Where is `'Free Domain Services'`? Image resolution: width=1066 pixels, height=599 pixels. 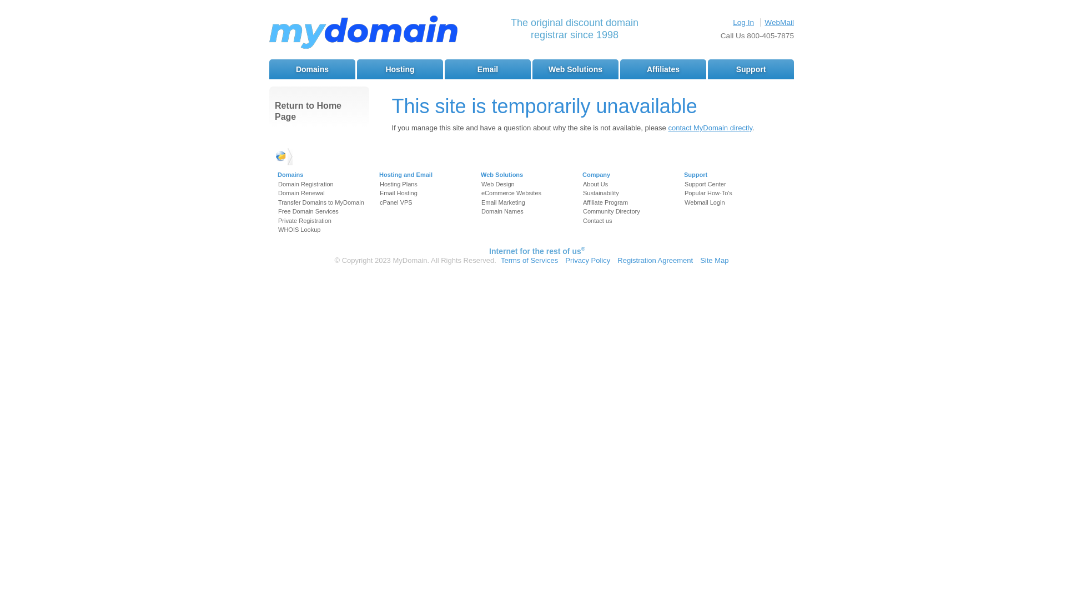 'Free Domain Services' is located at coordinates (308, 211).